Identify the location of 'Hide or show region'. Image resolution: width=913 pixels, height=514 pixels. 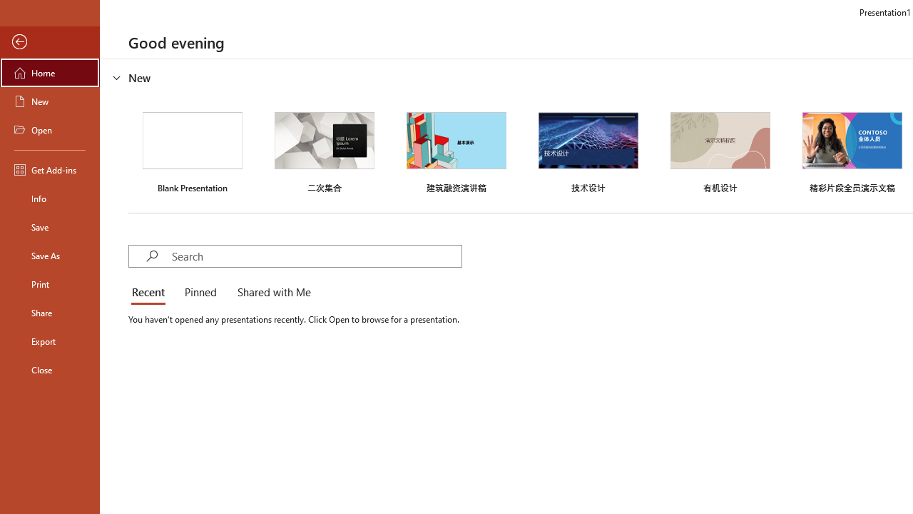
(117, 78).